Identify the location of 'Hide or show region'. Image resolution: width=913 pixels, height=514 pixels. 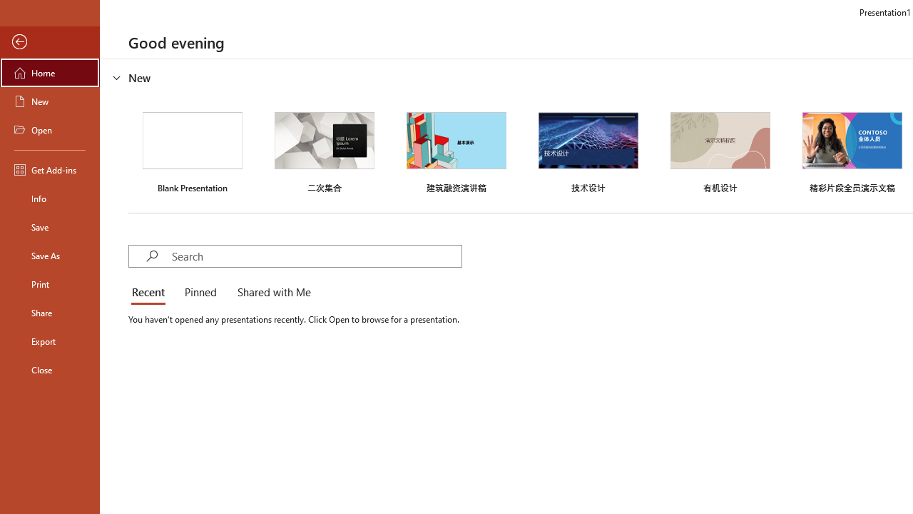
(117, 78).